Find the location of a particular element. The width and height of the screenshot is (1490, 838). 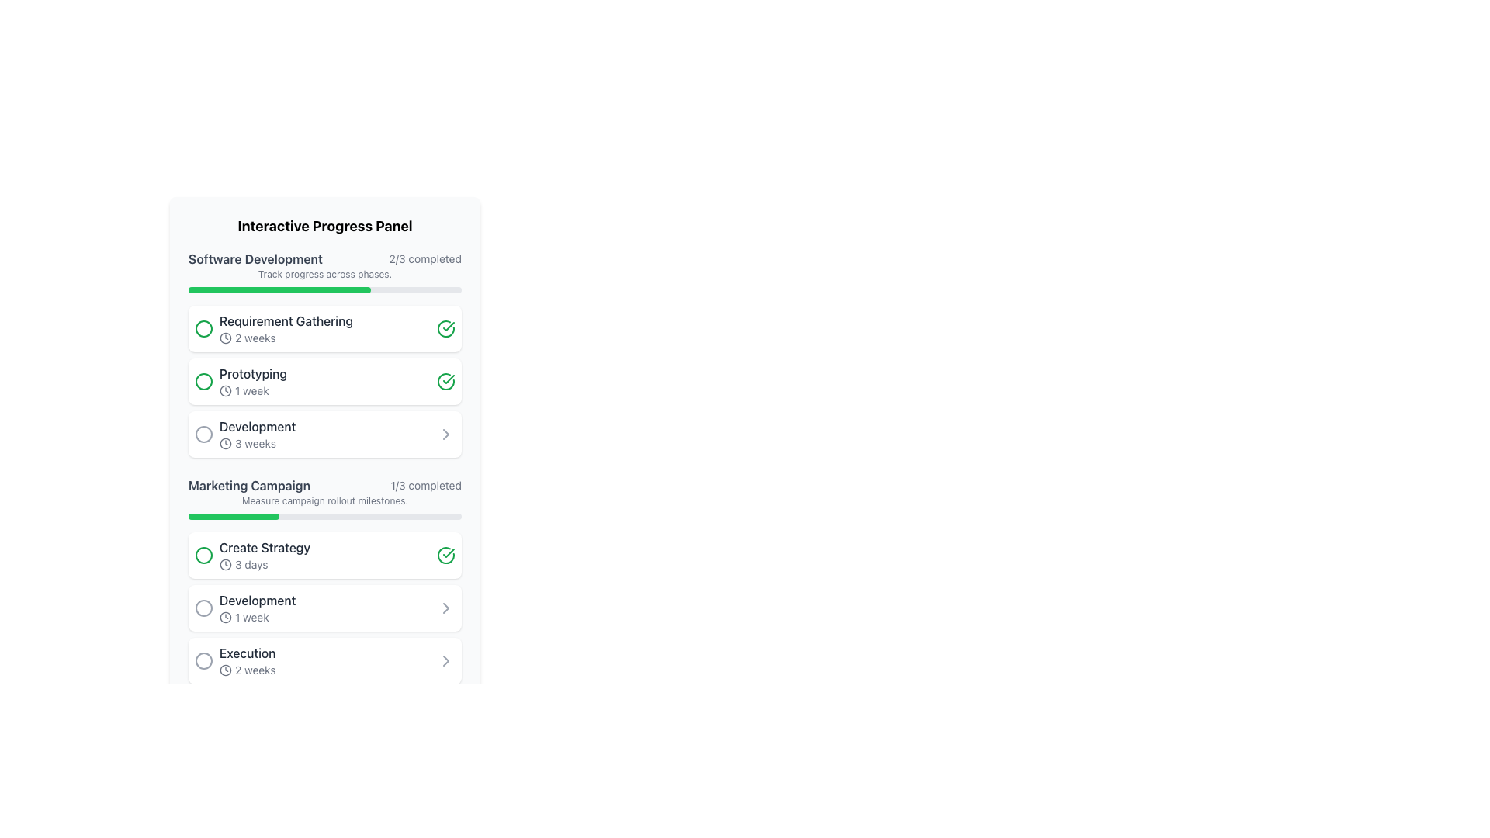

the list item labeled 'Requirement Gathering' with a subtext of '2 weeks' is located at coordinates (324, 328).